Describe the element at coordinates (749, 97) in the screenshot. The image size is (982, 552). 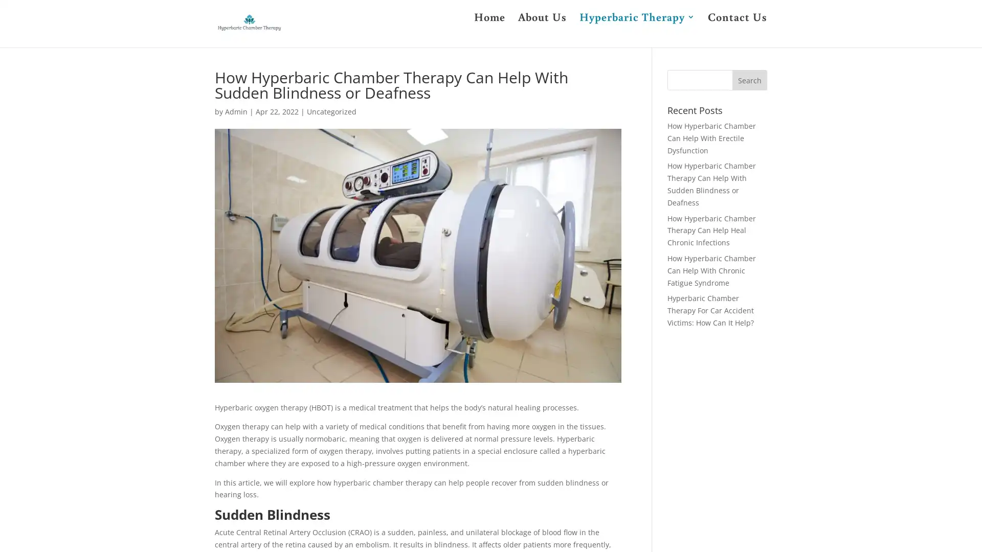
I see `Search` at that location.